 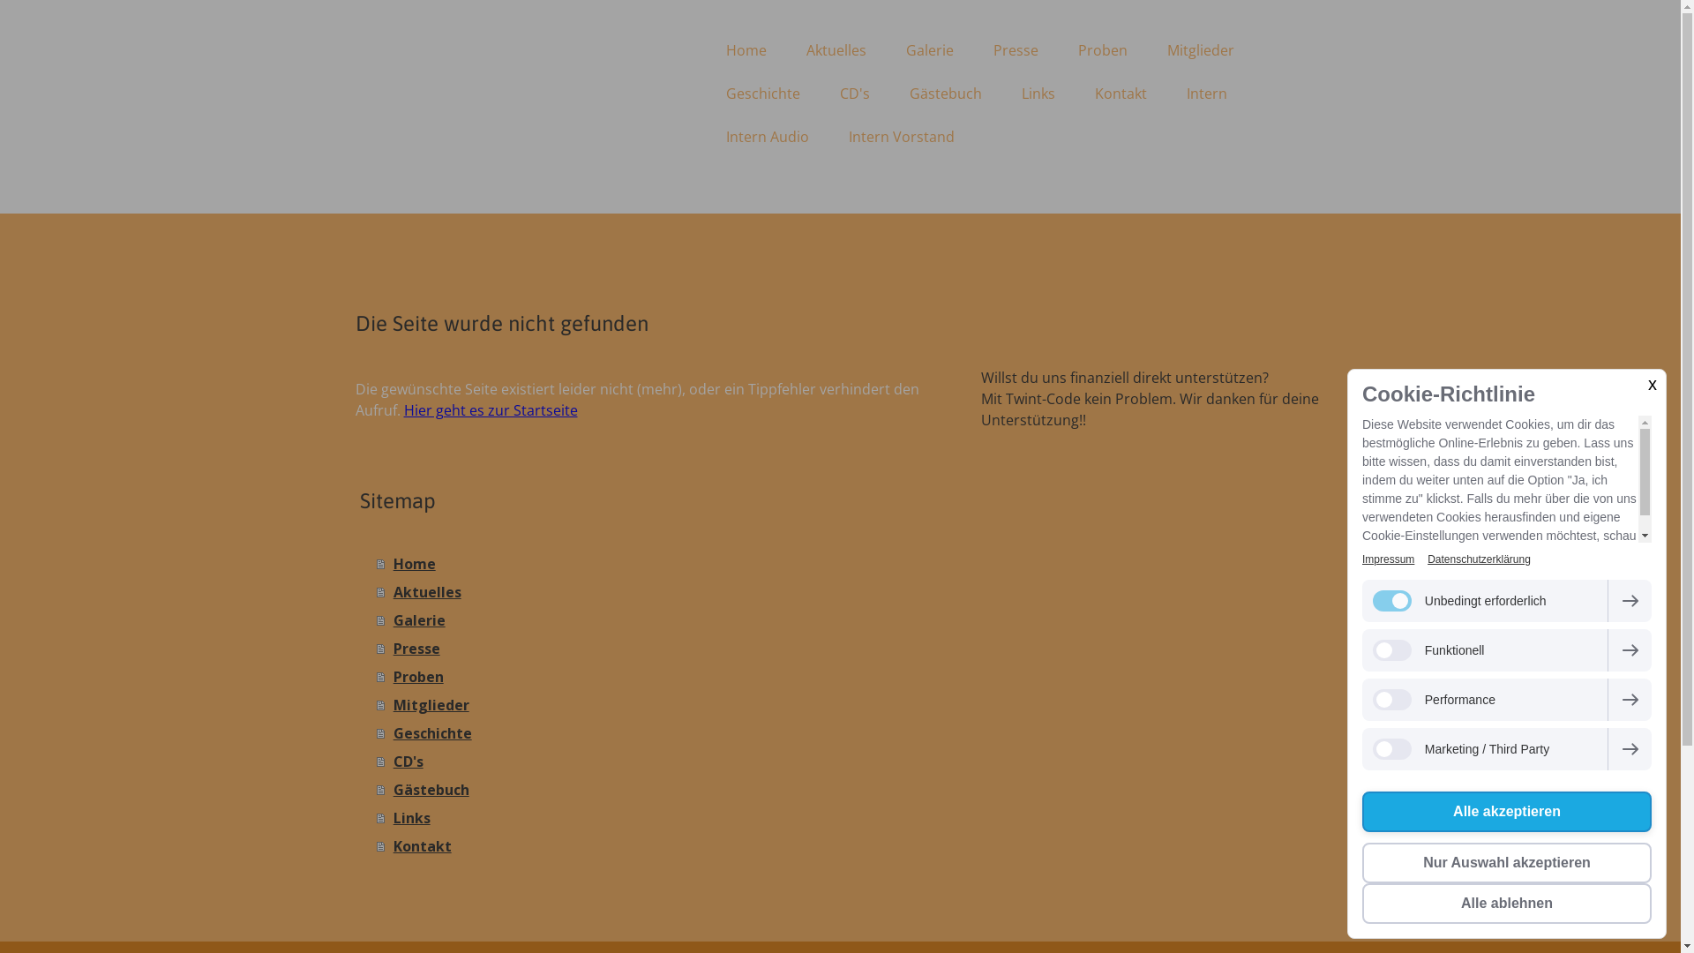 I want to click on 'Intern Vorstand', so click(x=902, y=135).